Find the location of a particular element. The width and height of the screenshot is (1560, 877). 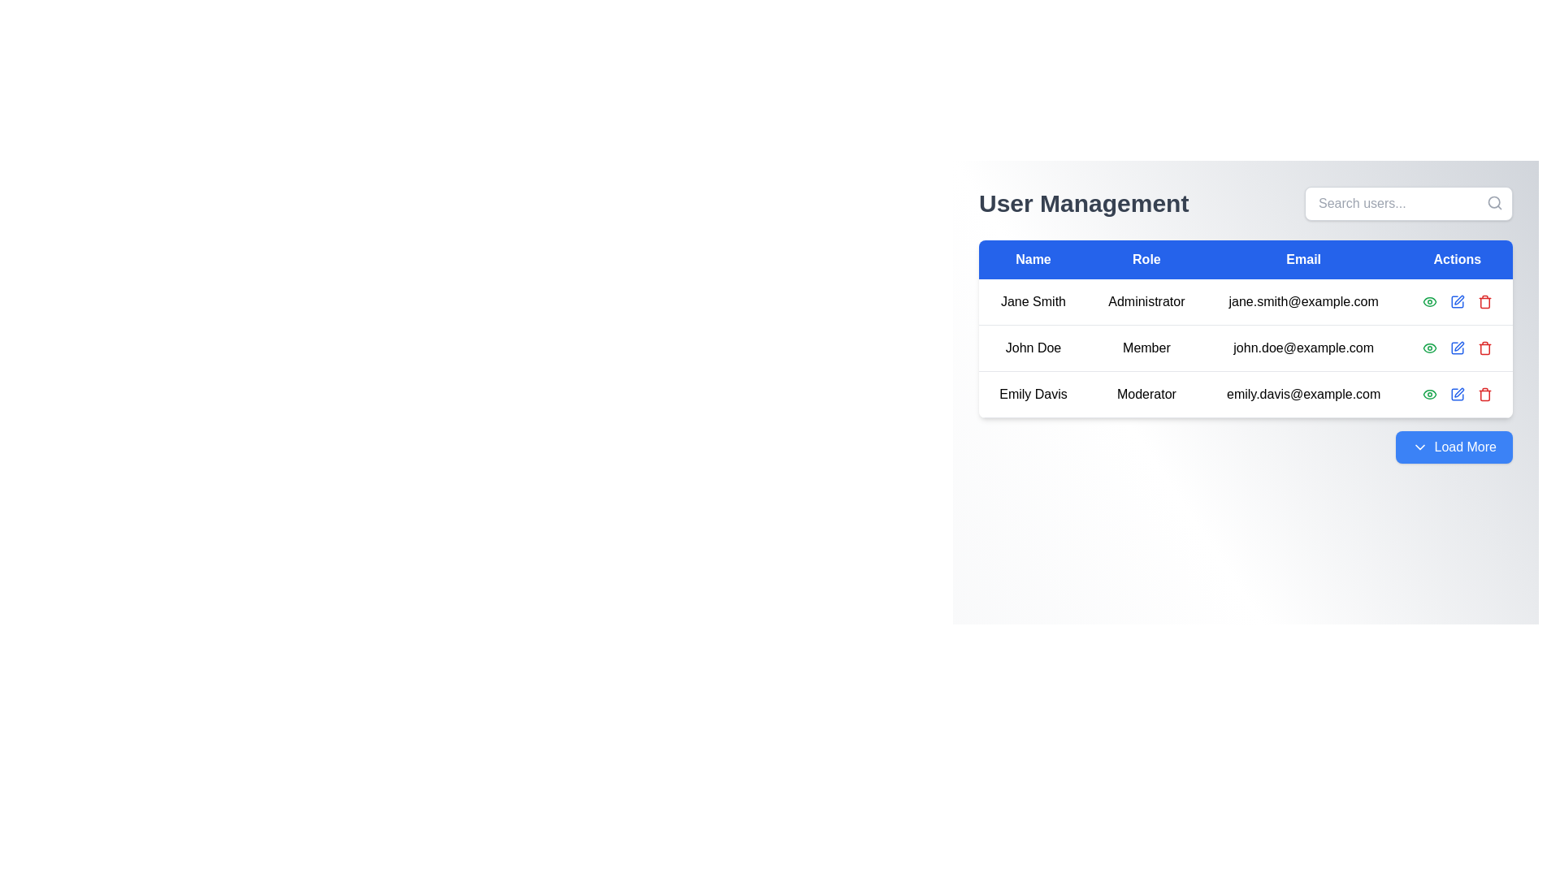

email address displayed in the Text Display element located in the third column of the user management table for John Doe is located at coordinates (1303, 347).